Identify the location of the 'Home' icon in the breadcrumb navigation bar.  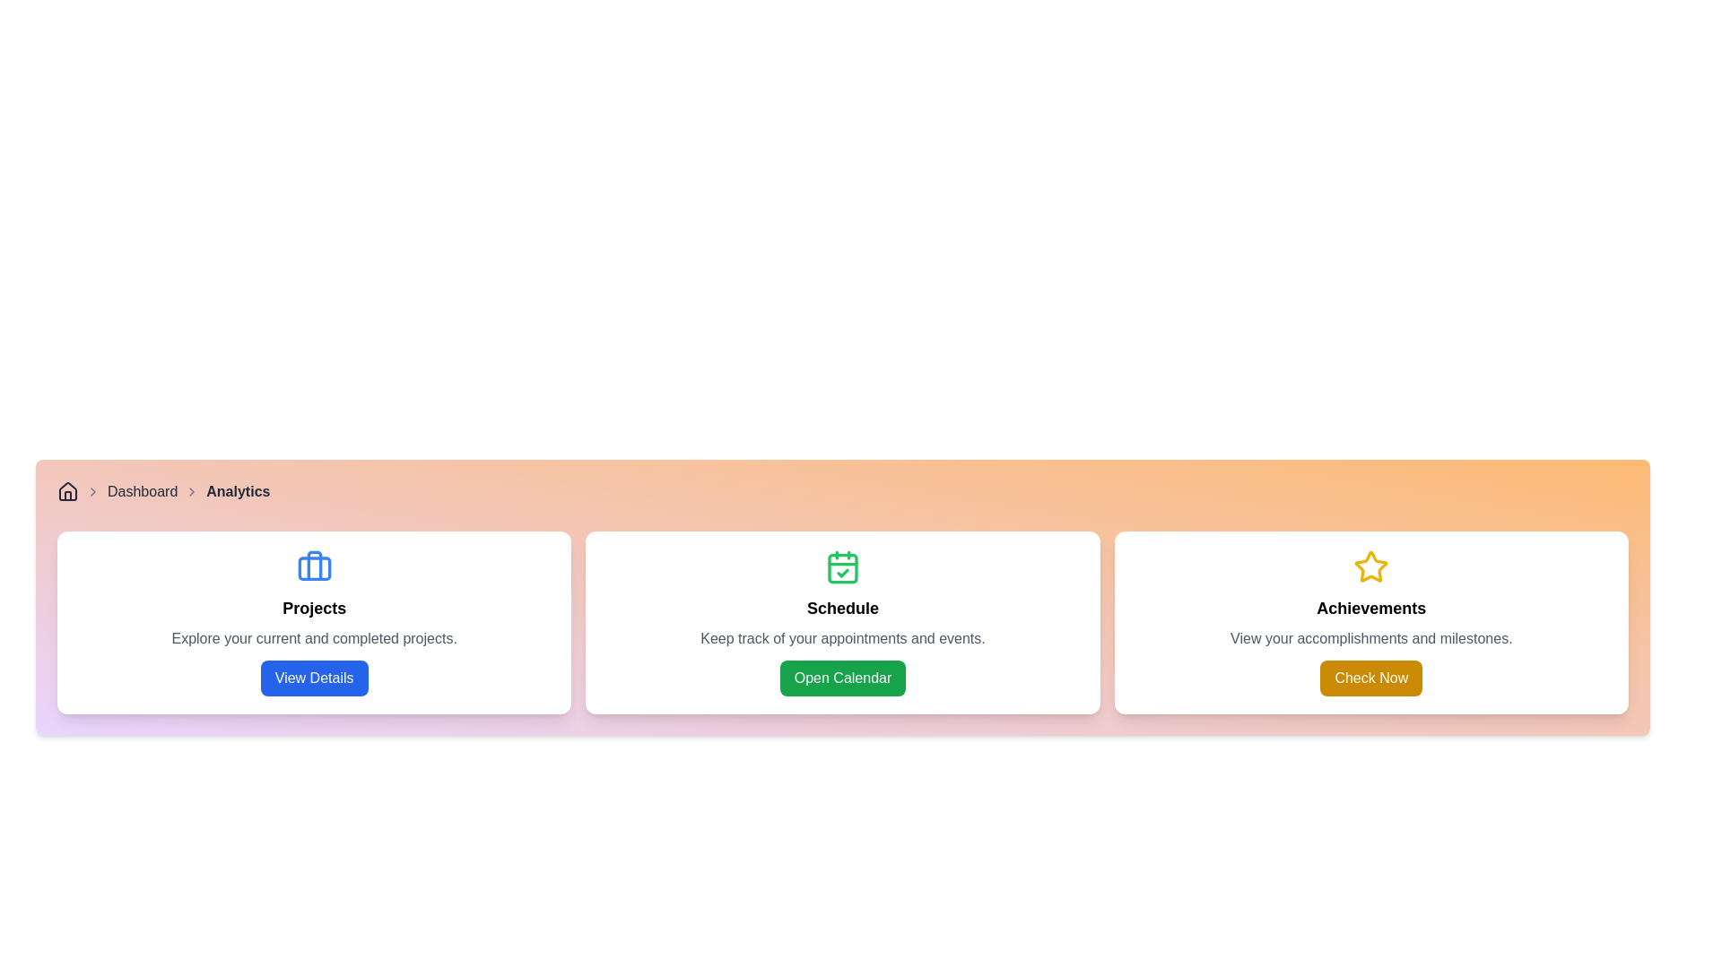
(68, 491).